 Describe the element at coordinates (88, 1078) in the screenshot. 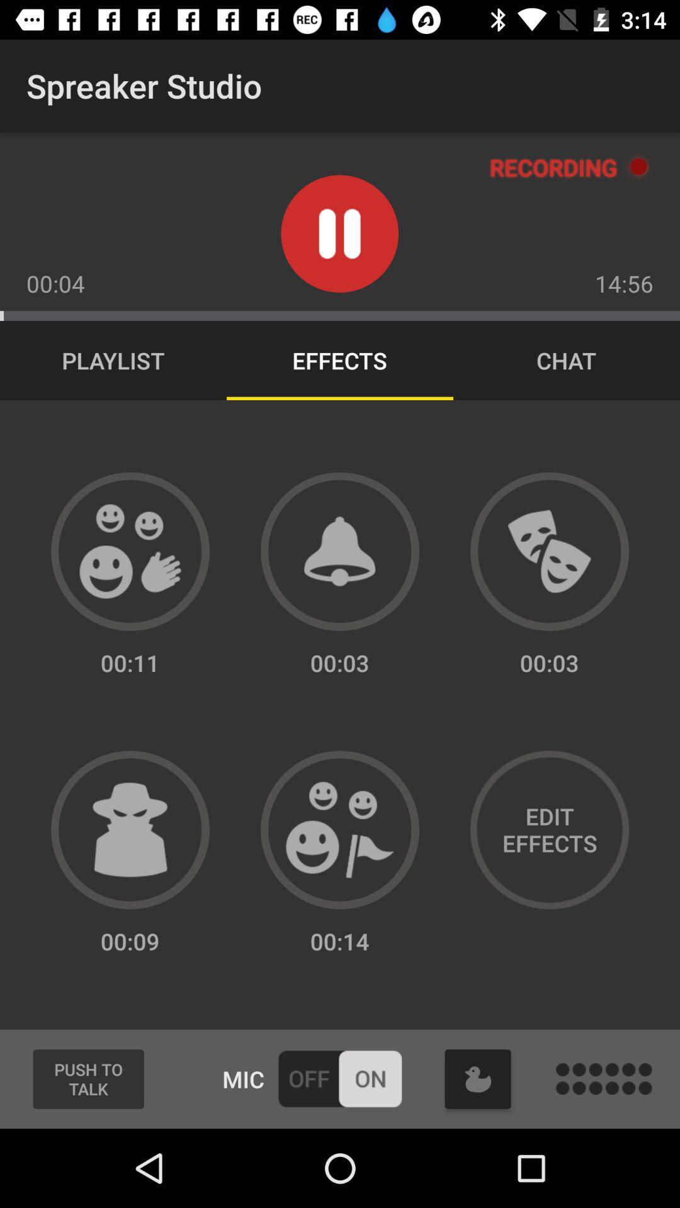

I see `the icon next to the mic item` at that location.